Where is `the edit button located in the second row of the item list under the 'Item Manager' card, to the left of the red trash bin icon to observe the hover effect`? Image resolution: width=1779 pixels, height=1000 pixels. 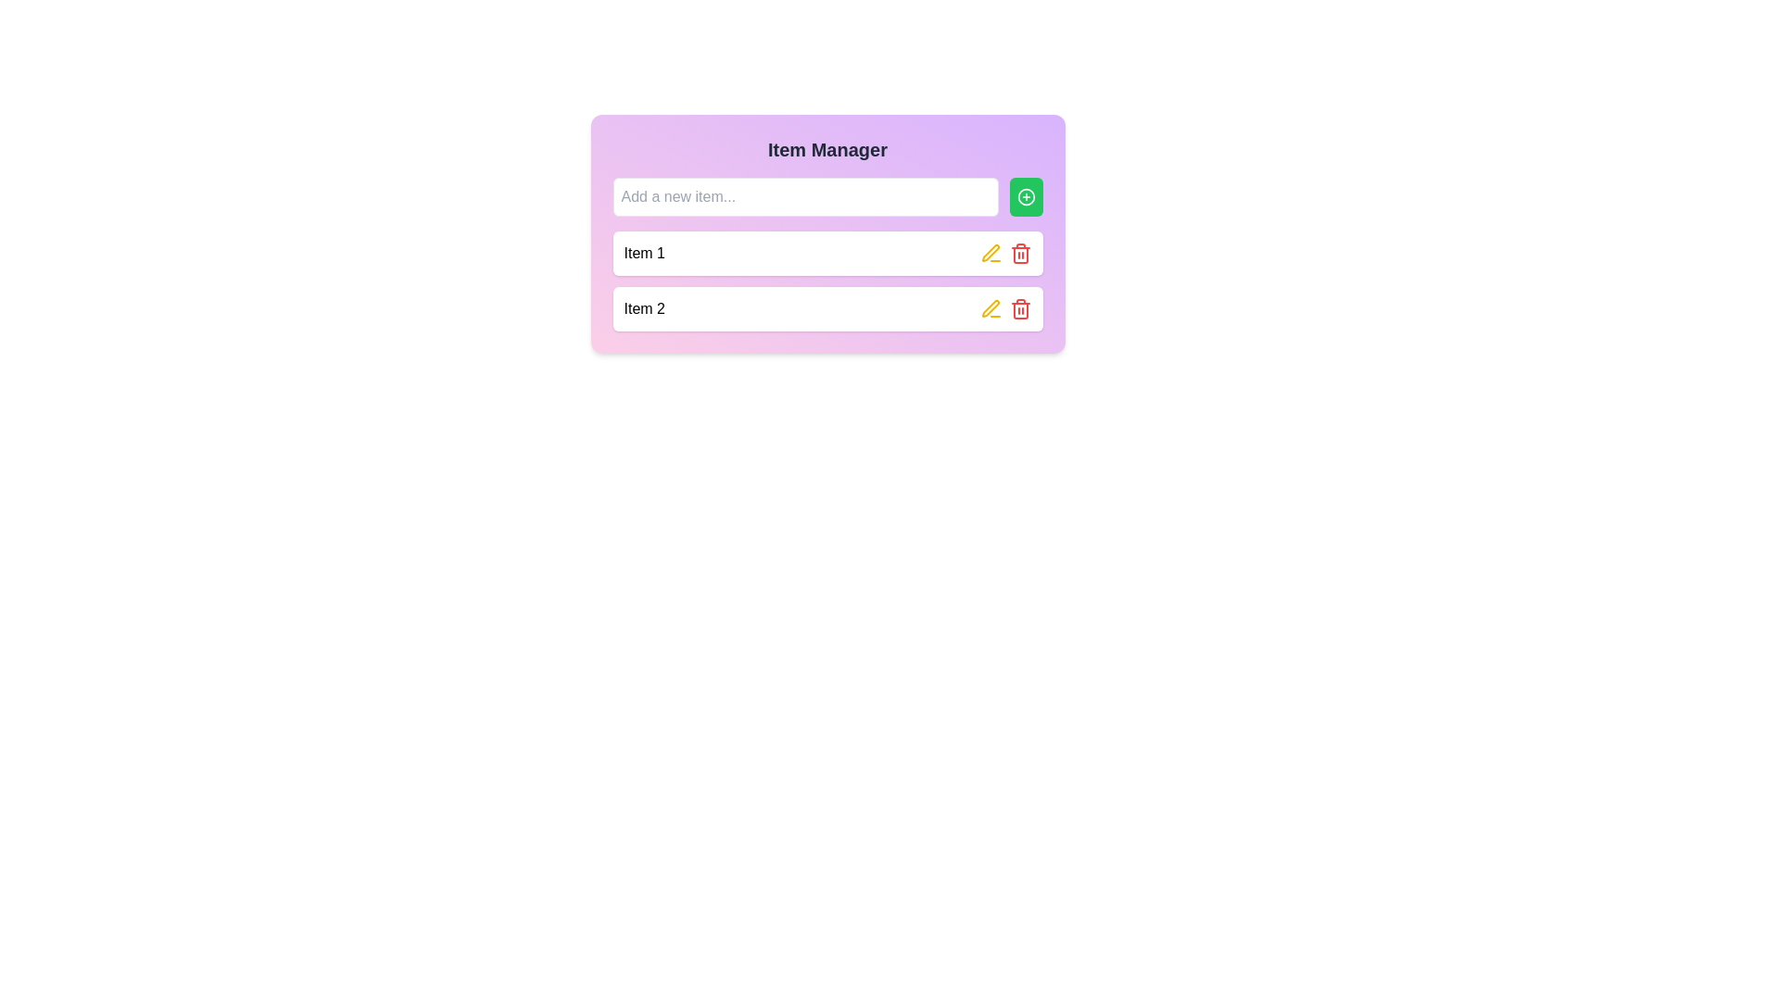
the edit button located in the second row of the item list under the 'Item Manager' card, to the left of the red trash bin icon to observe the hover effect is located at coordinates (990, 308).